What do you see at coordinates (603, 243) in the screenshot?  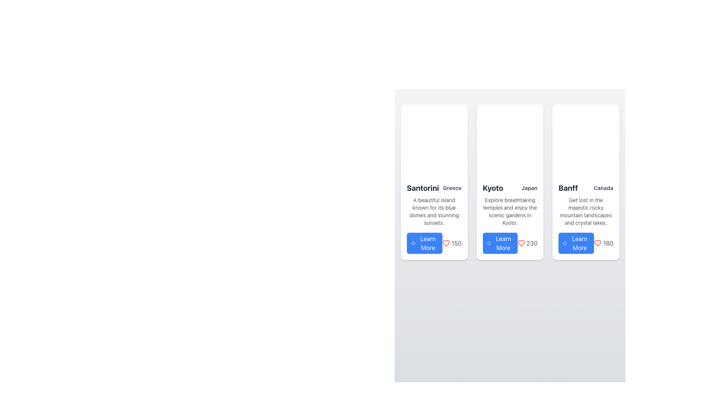 I see `the heart icon and metric text representing popularity or likes in the third card's right section, adjacent to the 'Learn More' button` at bounding box center [603, 243].